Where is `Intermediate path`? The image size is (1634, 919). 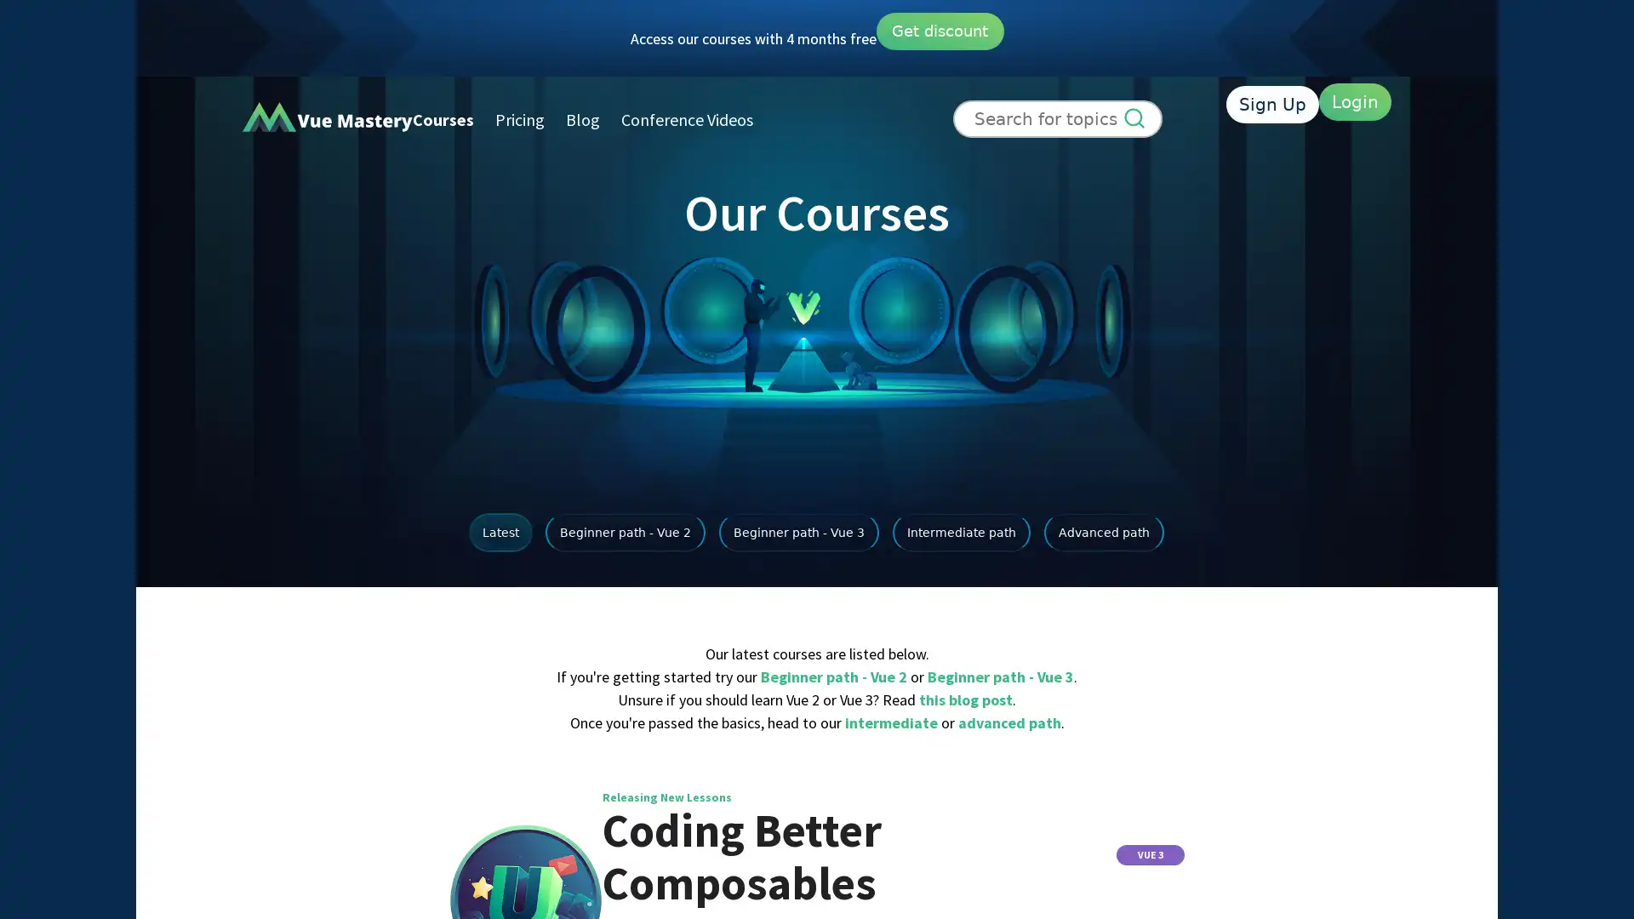 Intermediate path is located at coordinates (1014, 531).